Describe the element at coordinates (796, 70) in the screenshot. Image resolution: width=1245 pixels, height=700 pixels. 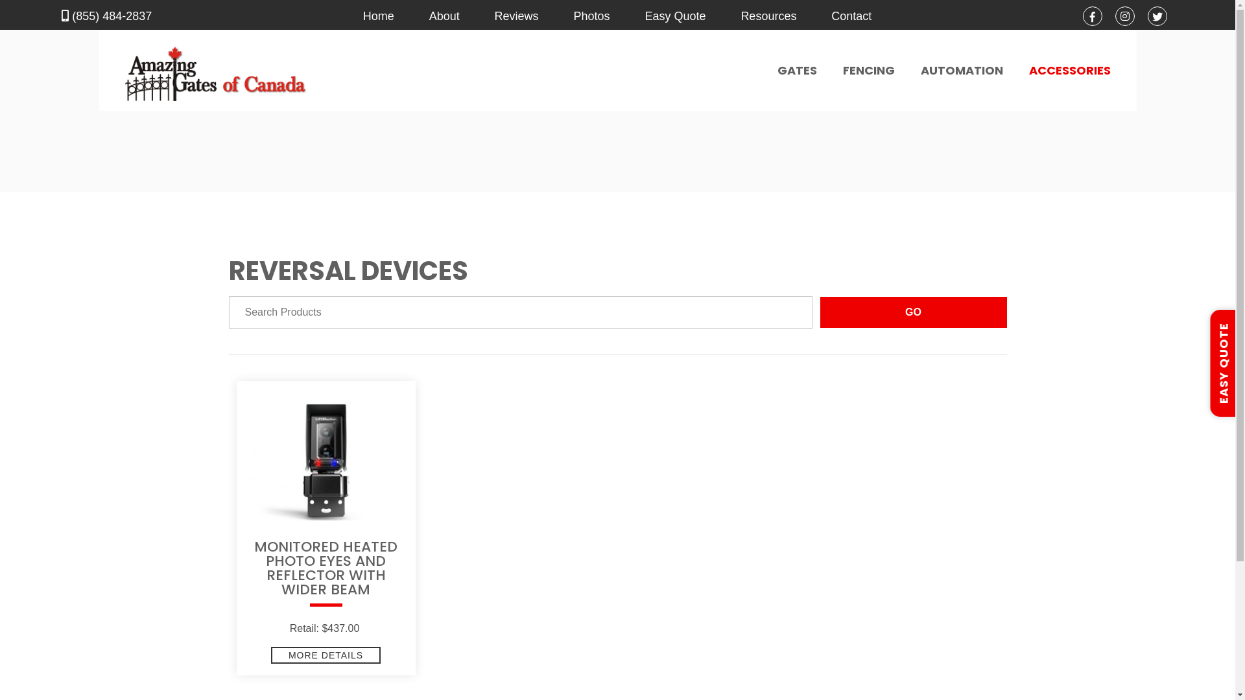
I see `'GATES'` at that location.